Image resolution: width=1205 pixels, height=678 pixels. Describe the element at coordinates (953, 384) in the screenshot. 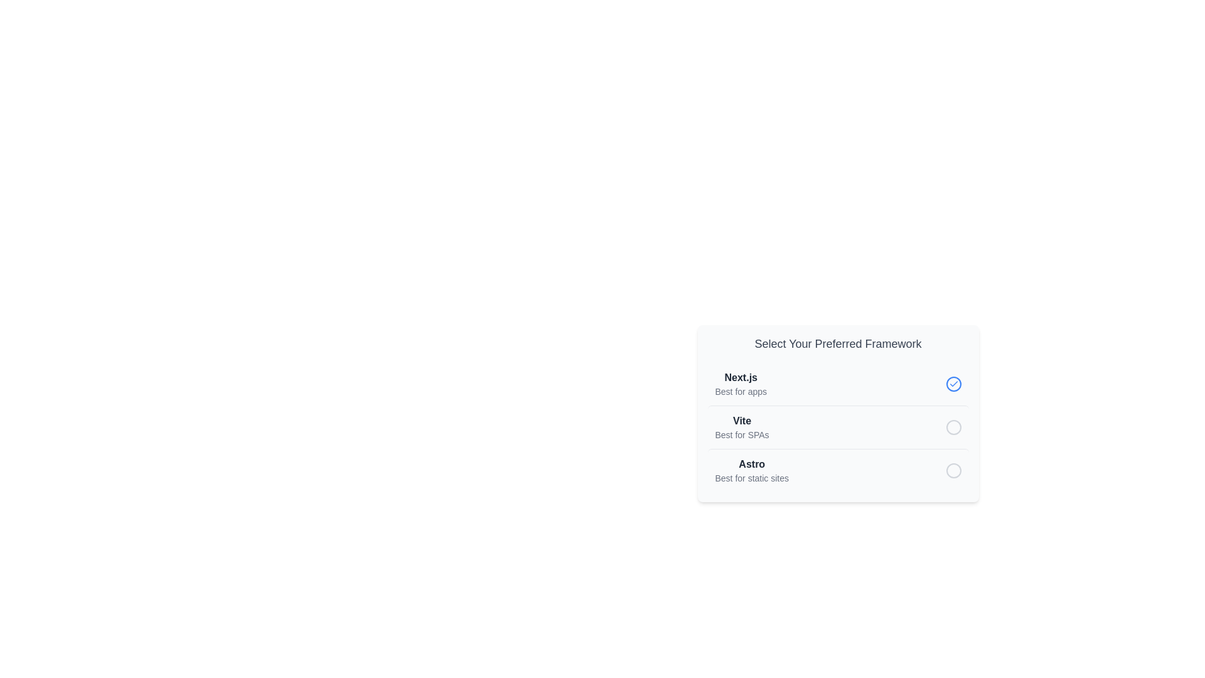

I see `the radio button with a blue border and checkmark icon, located to the right of the 'Next.js' option` at that location.